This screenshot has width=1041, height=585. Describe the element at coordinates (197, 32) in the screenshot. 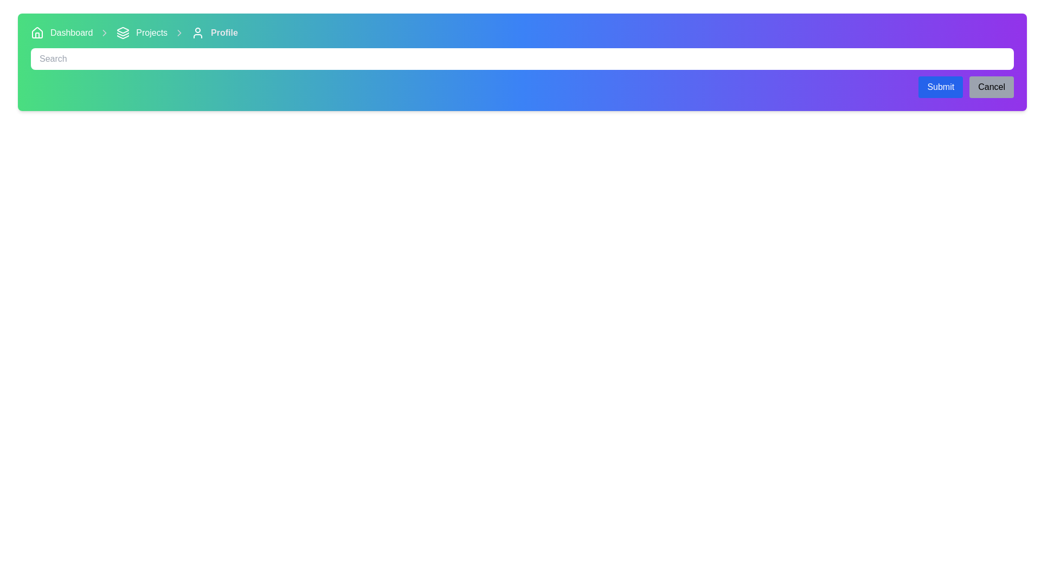

I see `the 'Profile' icon located` at that location.